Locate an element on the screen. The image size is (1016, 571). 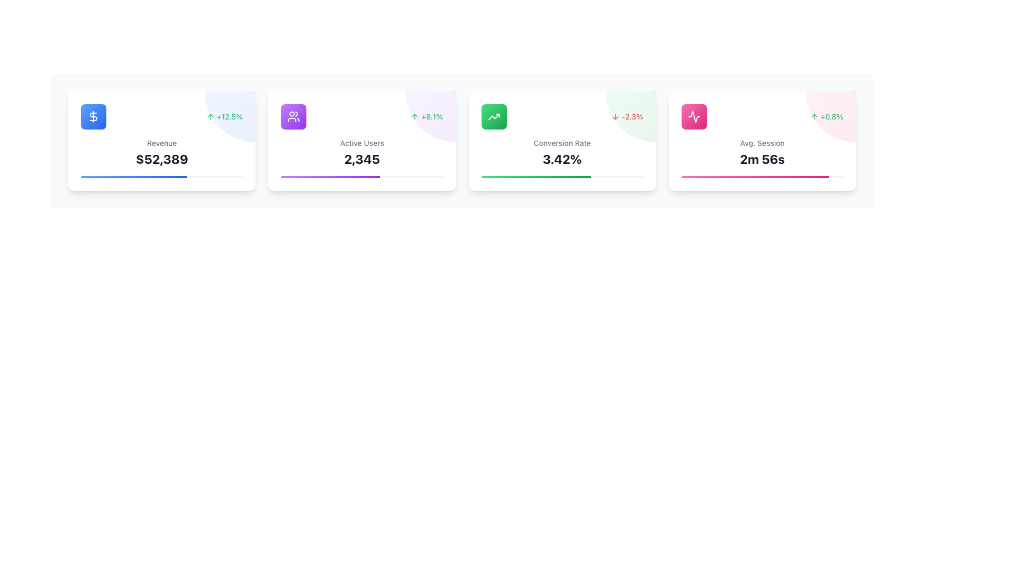
label indicating 'Active Users' located above the numerical value '2,345' in the second dashboard card from the left is located at coordinates (362, 143).